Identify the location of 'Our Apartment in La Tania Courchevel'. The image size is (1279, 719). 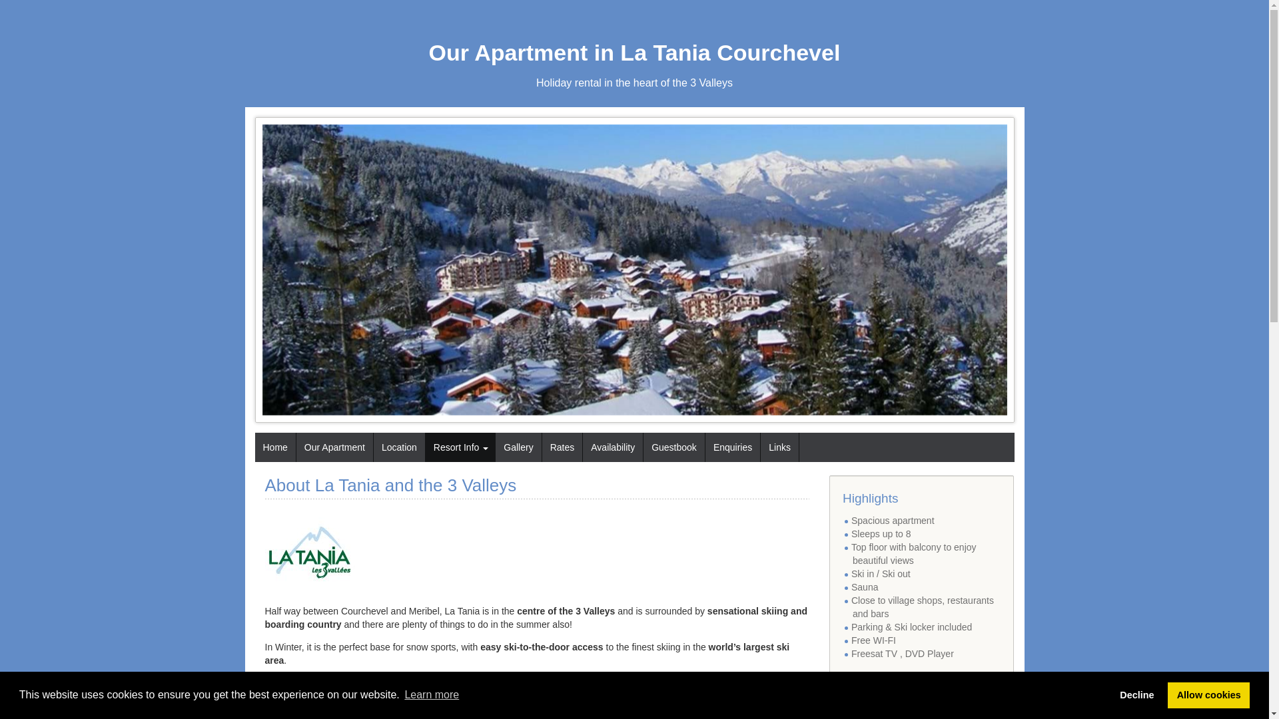
(634, 52).